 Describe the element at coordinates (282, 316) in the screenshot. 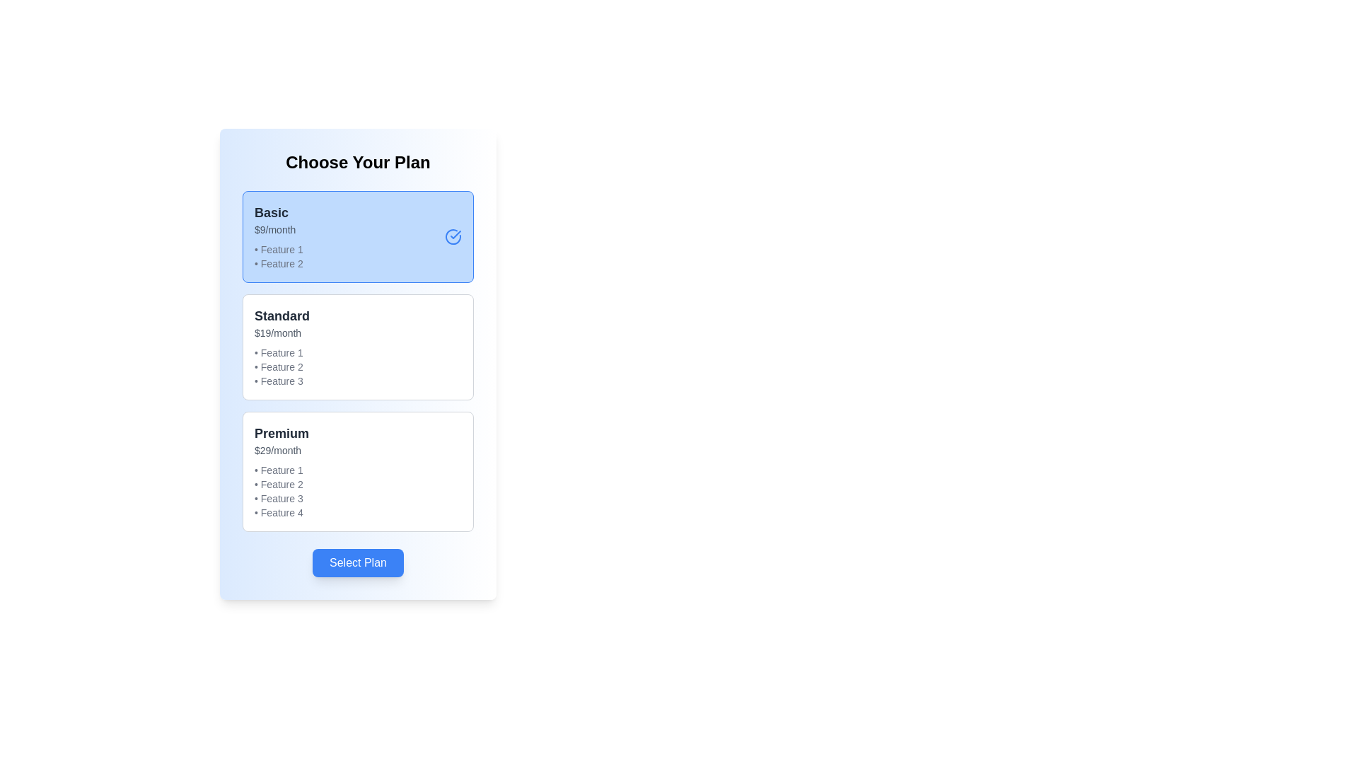

I see `the text label that displays 'Standard' in bold and larger font size, positioned above the '$19/month' text within the second pricing card` at that location.